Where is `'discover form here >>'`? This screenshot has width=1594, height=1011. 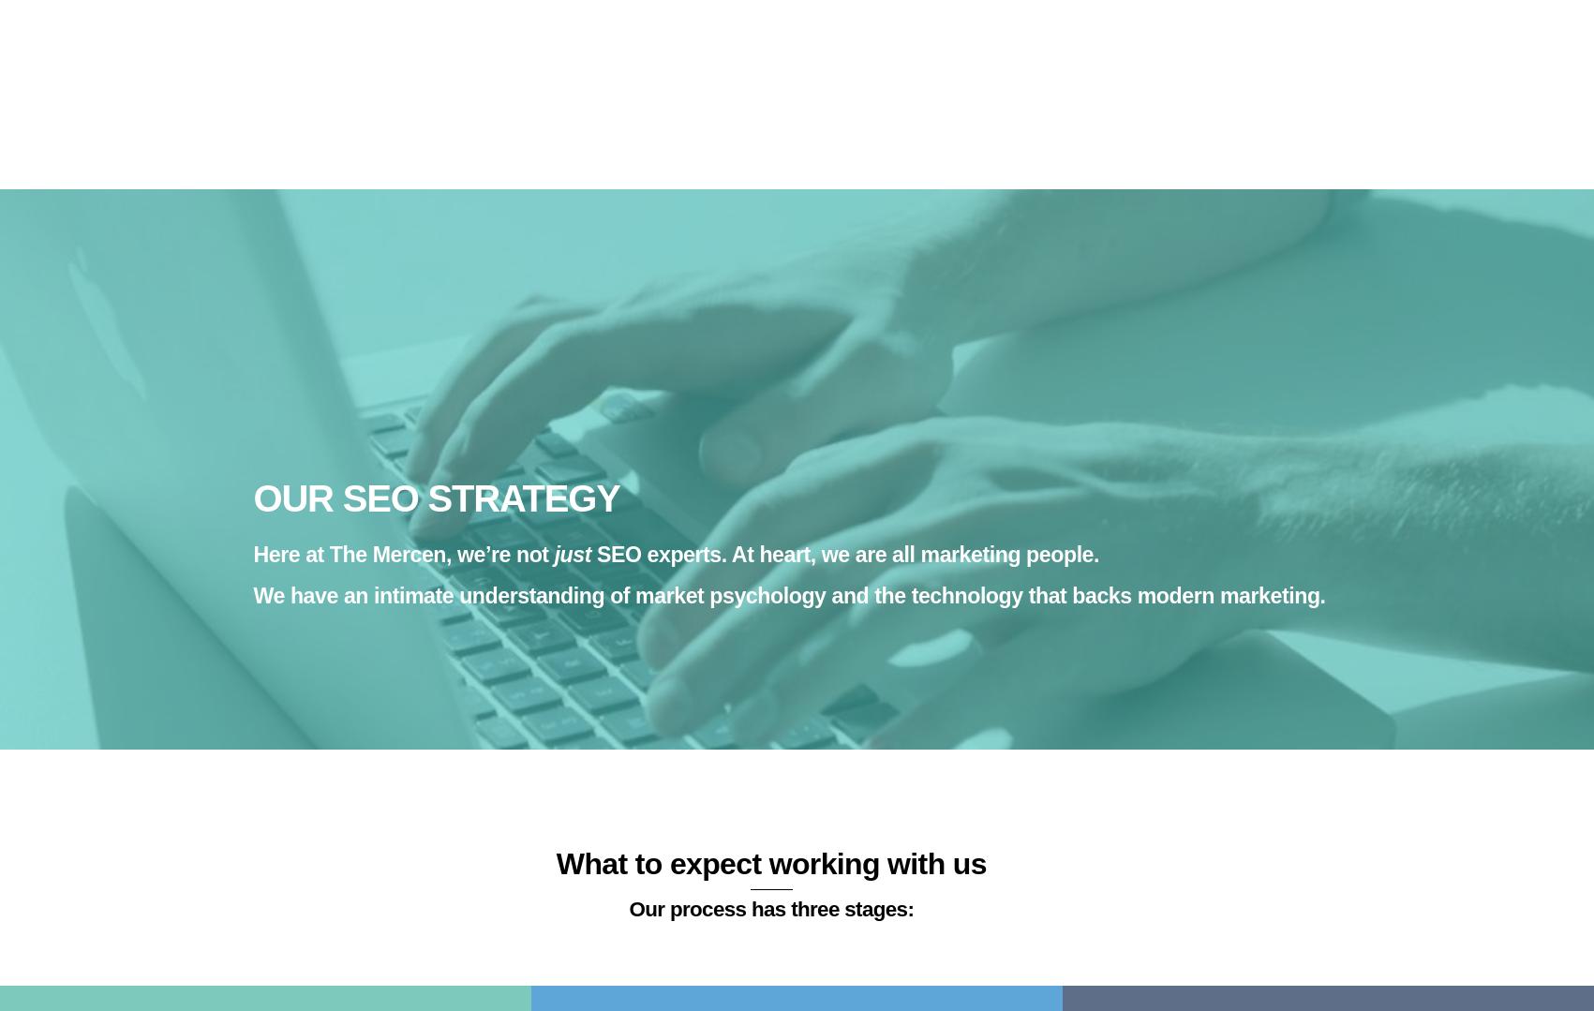 'discover form here >>' is located at coordinates (532, 635).